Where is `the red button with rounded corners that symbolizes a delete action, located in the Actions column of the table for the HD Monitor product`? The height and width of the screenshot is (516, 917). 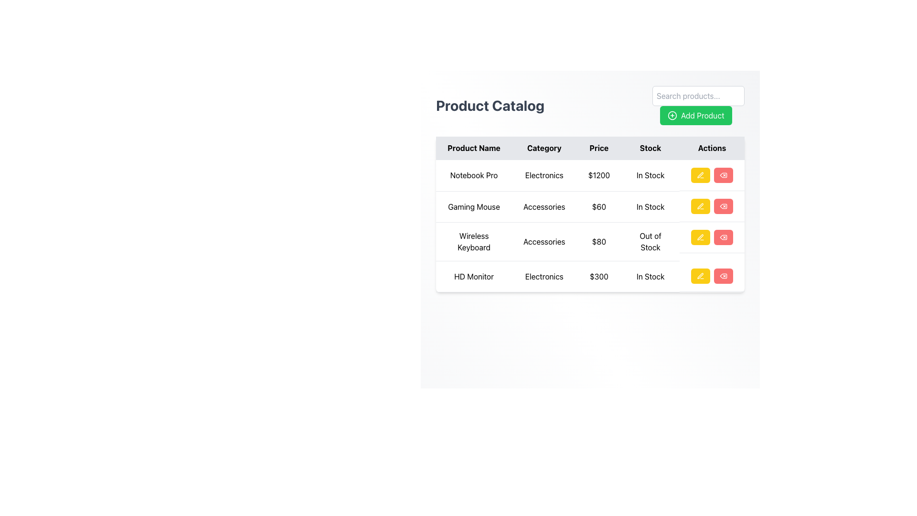 the red button with rounded corners that symbolizes a delete action, located in the Actions column of the table for the HD Monitor product is located at coordinates (724, 175).